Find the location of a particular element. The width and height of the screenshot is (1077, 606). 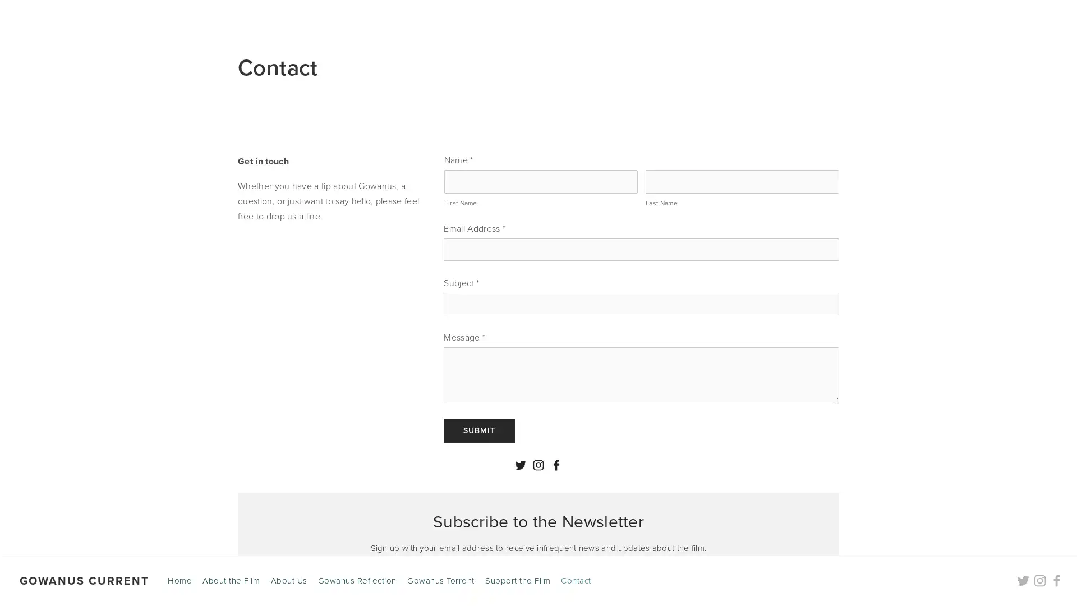

SIGN UP is located at coordinates (609, 588).